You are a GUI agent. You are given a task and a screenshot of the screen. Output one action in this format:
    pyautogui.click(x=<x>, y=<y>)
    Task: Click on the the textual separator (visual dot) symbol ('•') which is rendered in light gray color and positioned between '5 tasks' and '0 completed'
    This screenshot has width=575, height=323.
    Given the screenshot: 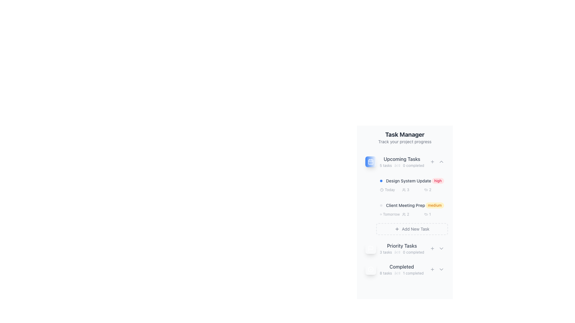 What is the action you would take?
    pyautogui.click(x=397, y=166)
    